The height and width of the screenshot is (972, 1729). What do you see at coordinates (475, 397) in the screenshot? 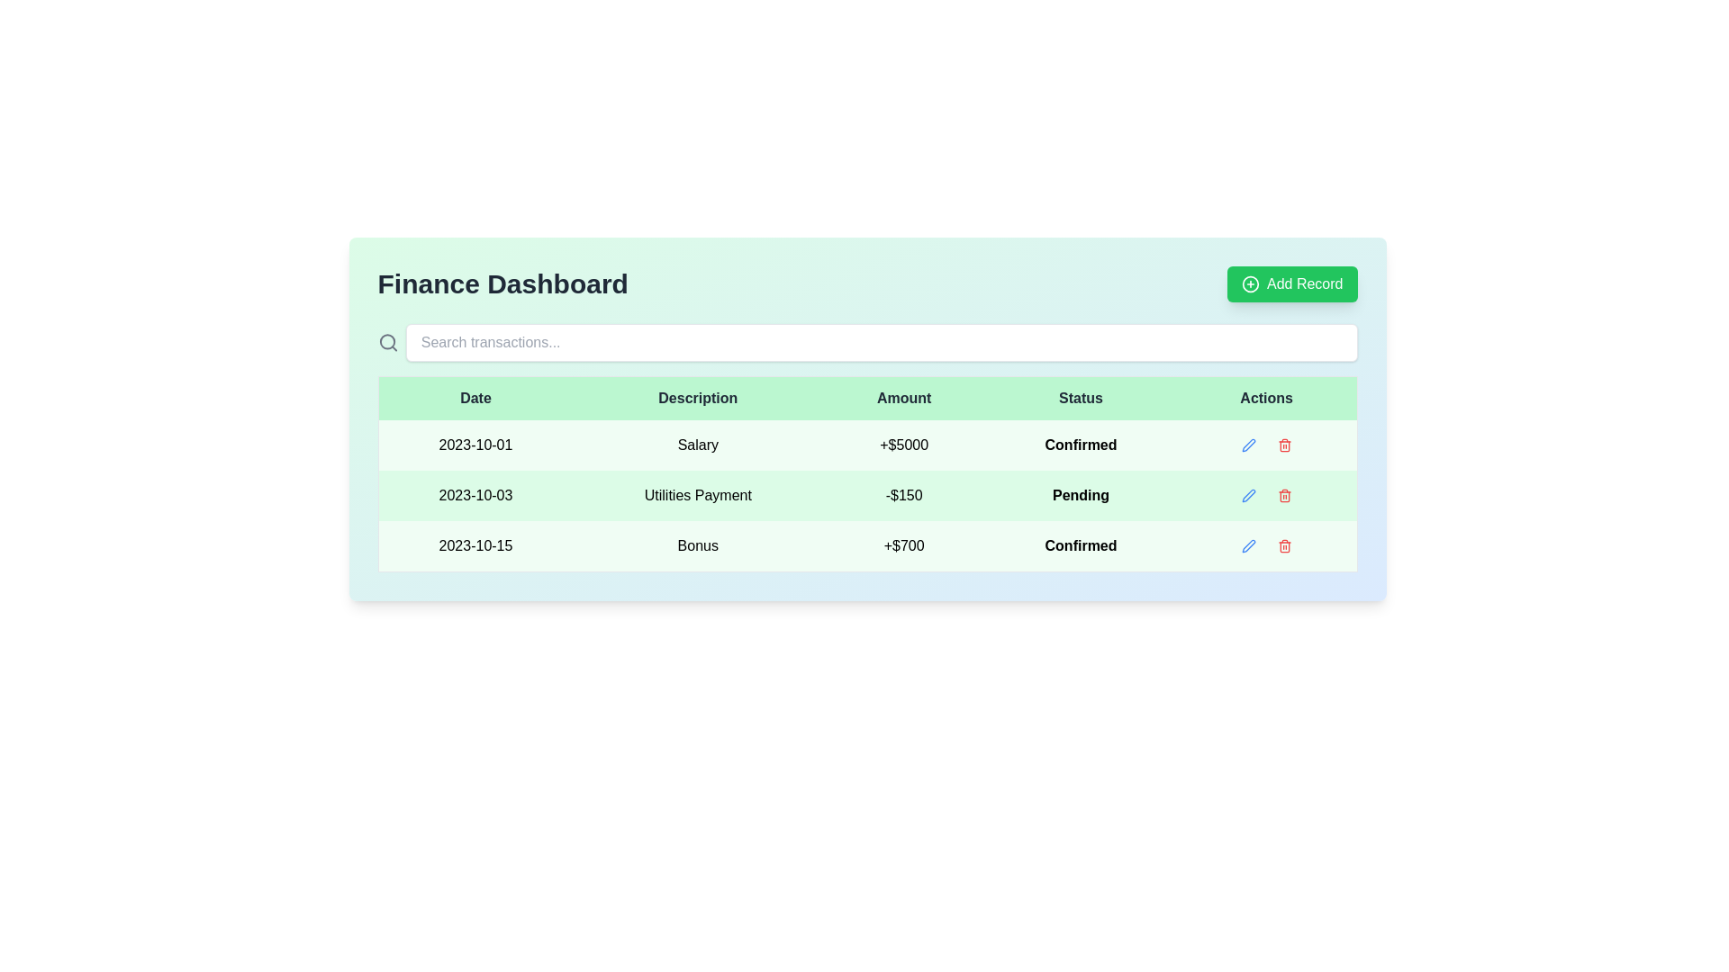
I see `the 'Date' column label text, which indicates that the data below pertains to dates` at bounding box center [475, 397].